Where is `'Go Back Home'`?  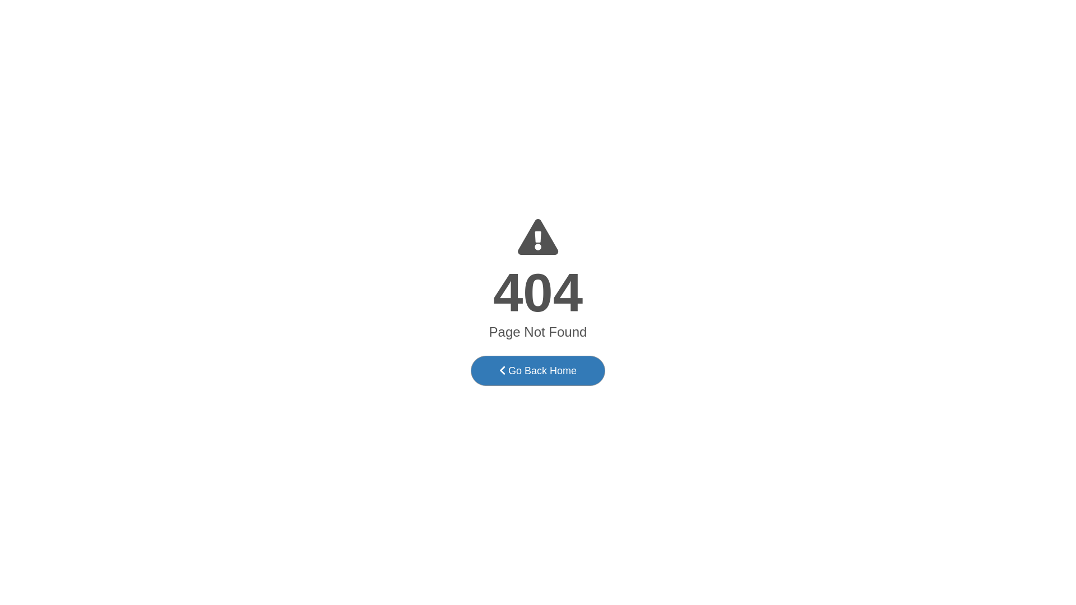
'Go Back Home' is located at coordinates (538, 371).